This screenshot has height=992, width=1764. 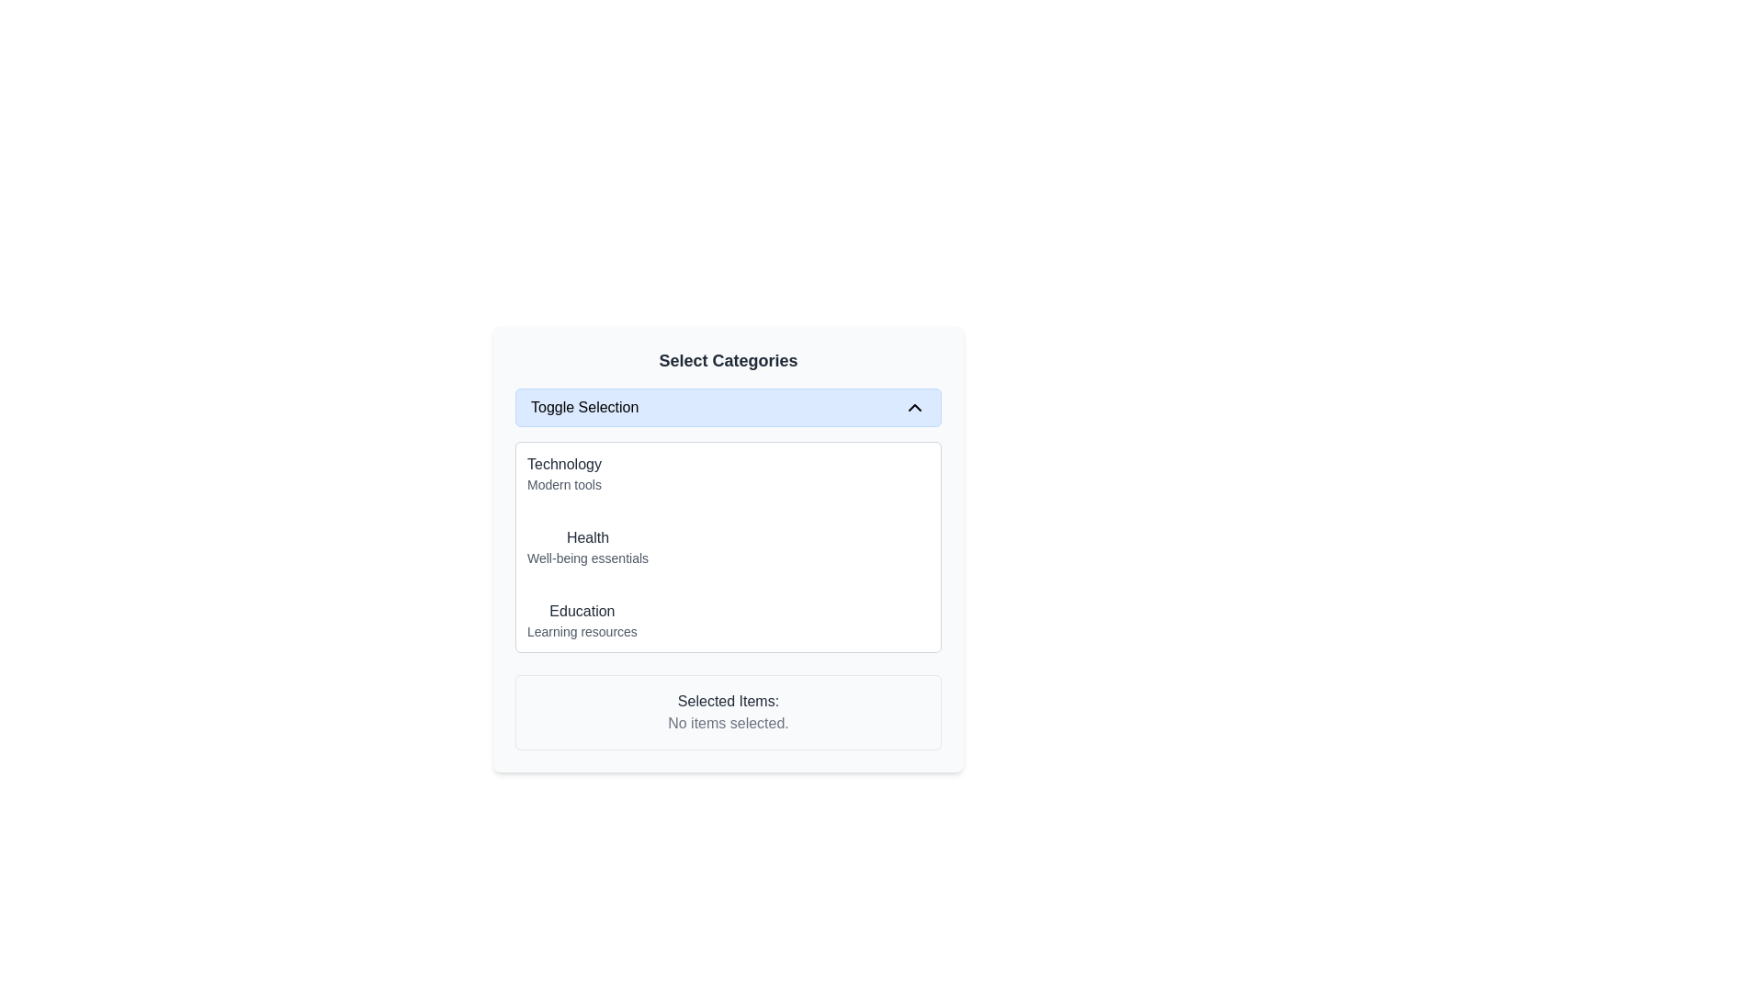 I want to click on the text label that serves as a subtitle for the 'Education' category, located near the bottom of the 'Select Categories' box, so click(x=581, y=630).